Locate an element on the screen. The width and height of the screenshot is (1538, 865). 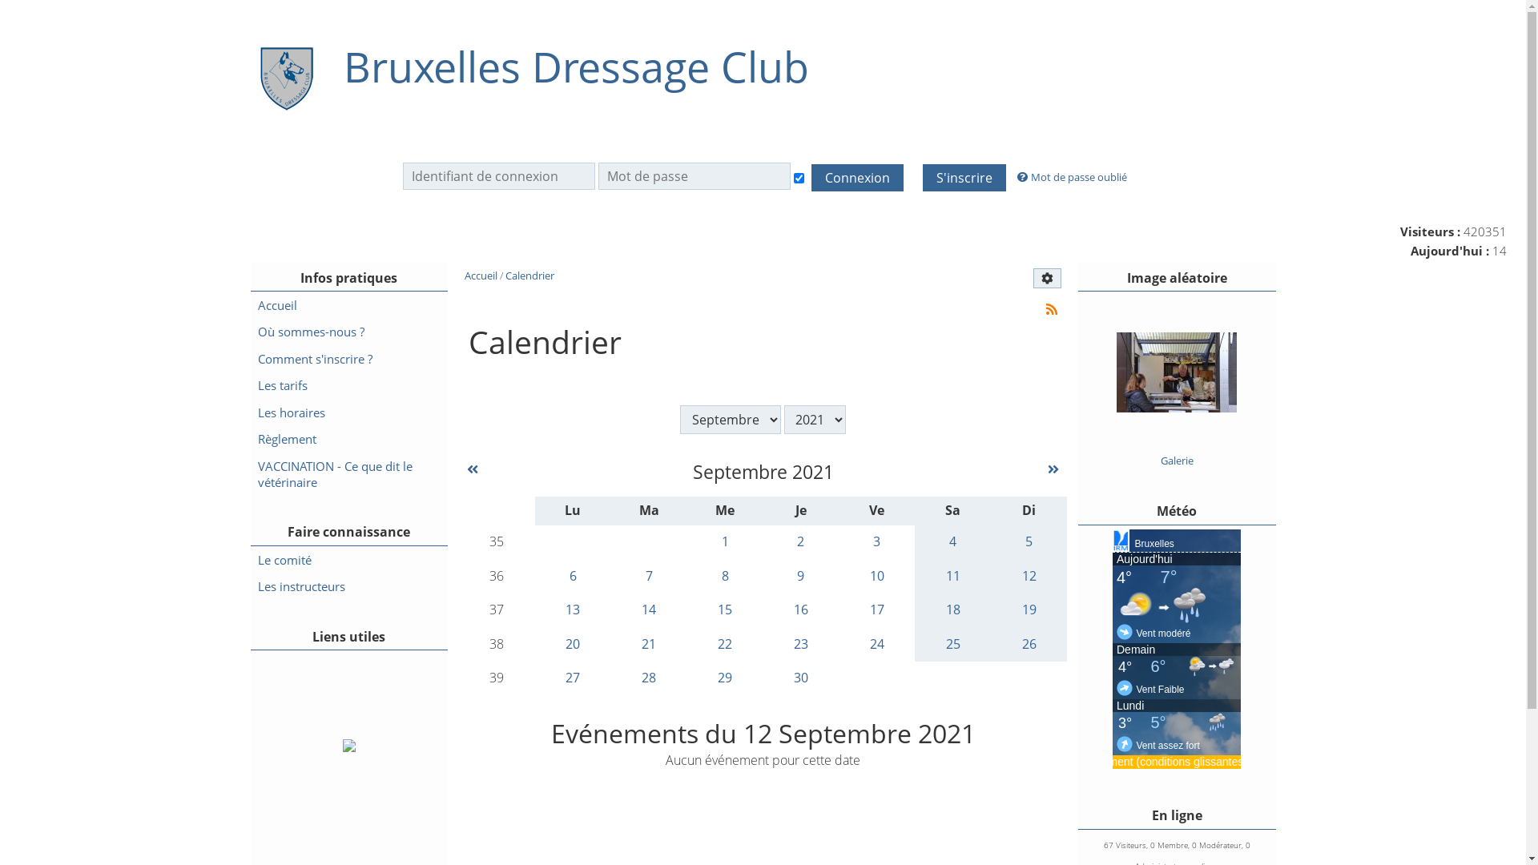
'3' is located at coordinates (876, 541).